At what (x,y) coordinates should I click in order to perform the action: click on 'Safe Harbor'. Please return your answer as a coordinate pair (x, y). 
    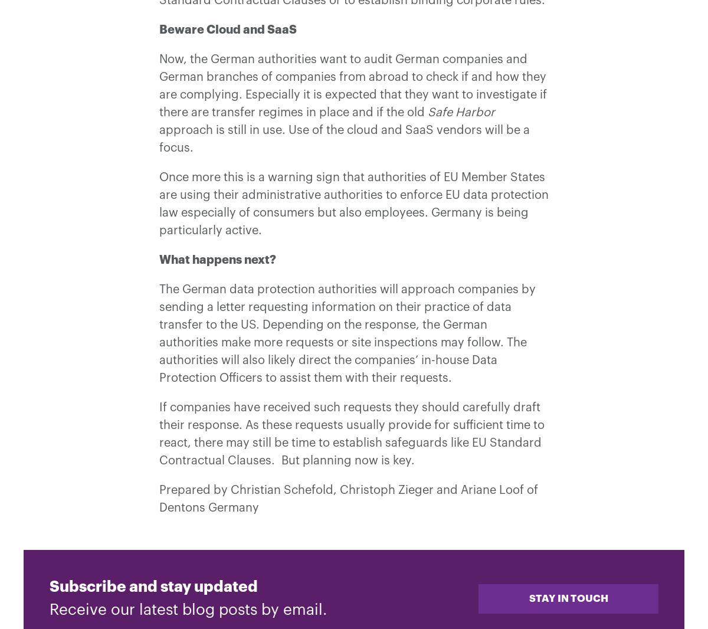
    Looking at the image, I should click on (461, 112).